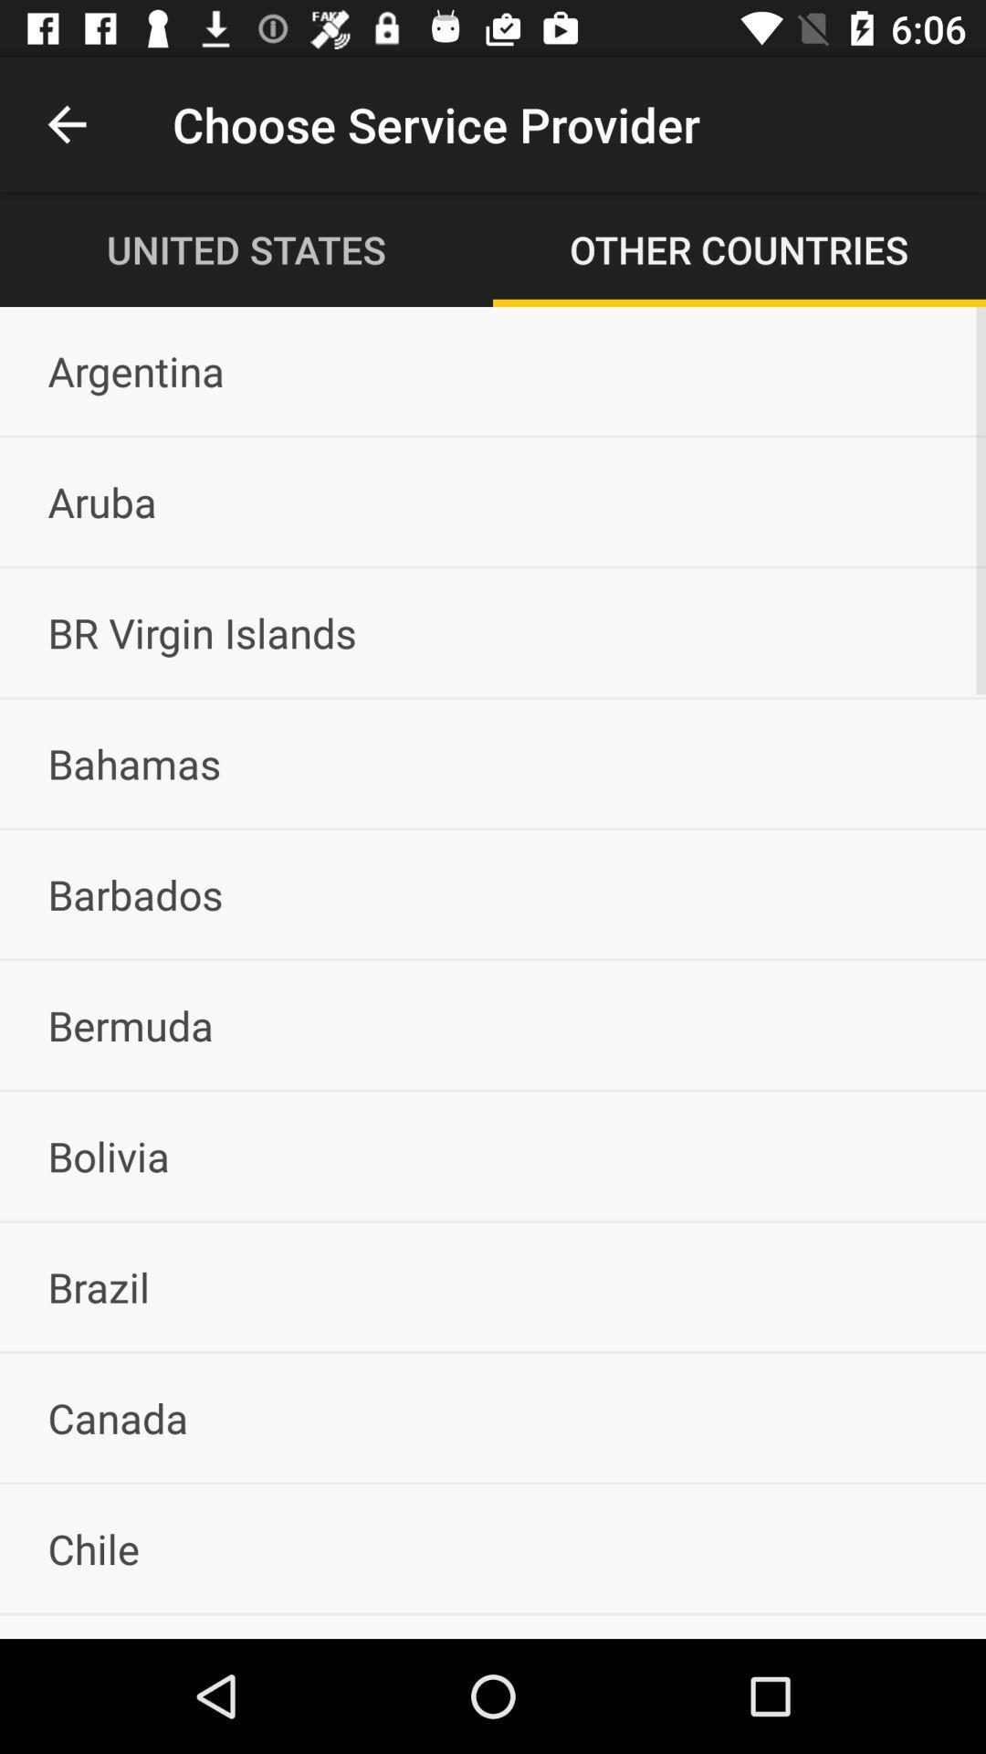  What do you see at coordinates (493, 1155) in the screenshot?
I see `the icon below the bermuda` at bounding box center [493, 1155].